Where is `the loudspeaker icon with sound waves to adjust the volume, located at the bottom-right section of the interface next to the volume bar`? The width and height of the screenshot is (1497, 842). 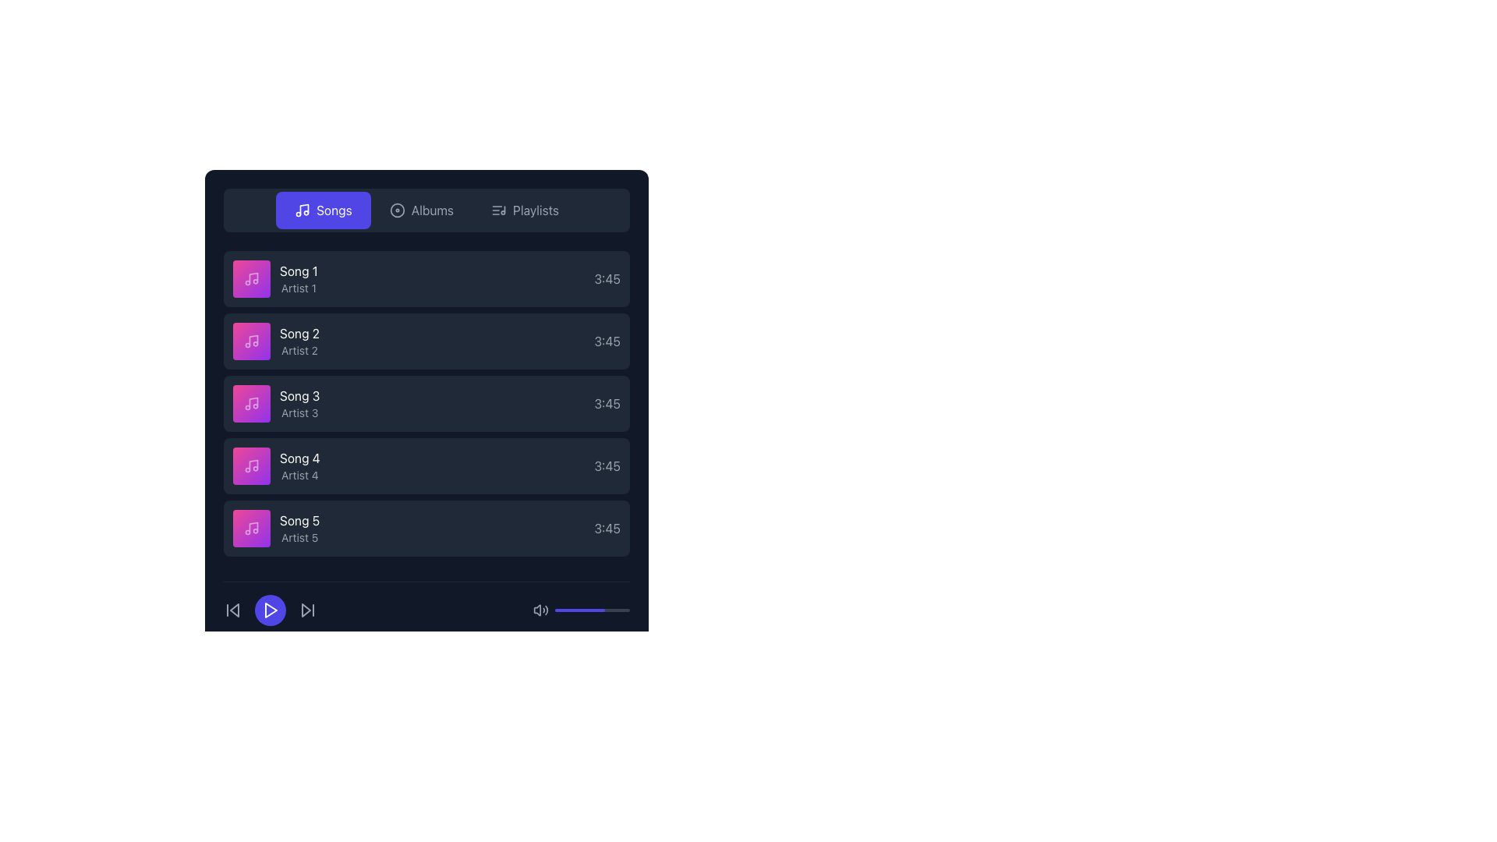
the loudspeaker icon with sound waves to adjust the volume, located at the bottom-right section of the interface next to the volume bar is located at coordinates (541, 610).